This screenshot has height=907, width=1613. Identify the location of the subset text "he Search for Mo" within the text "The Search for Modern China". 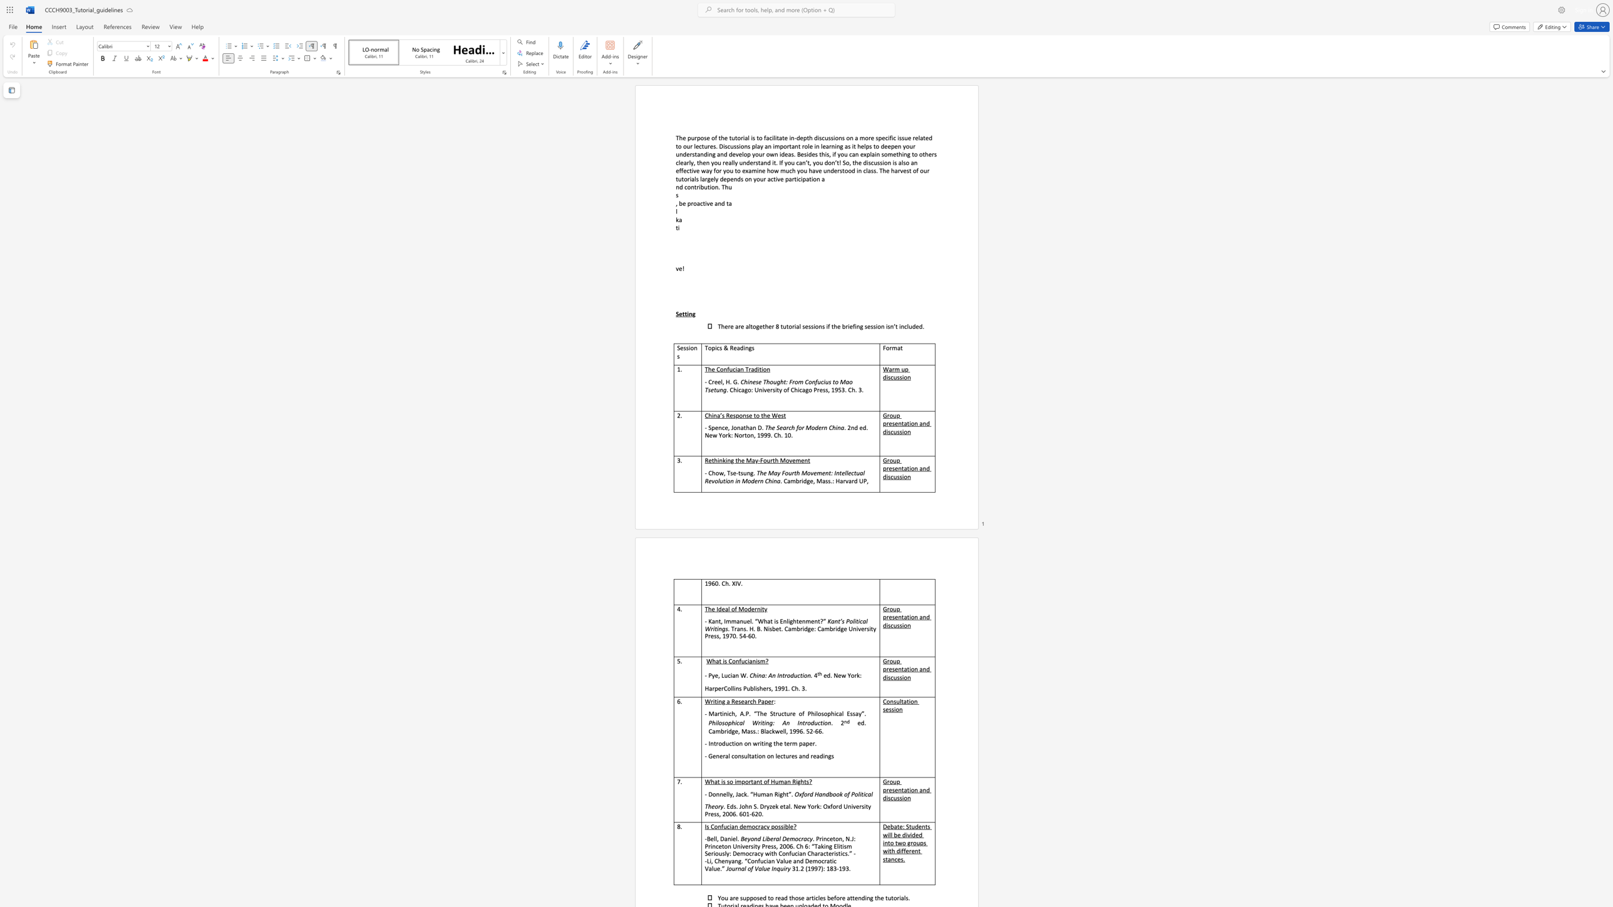
(768, 427).